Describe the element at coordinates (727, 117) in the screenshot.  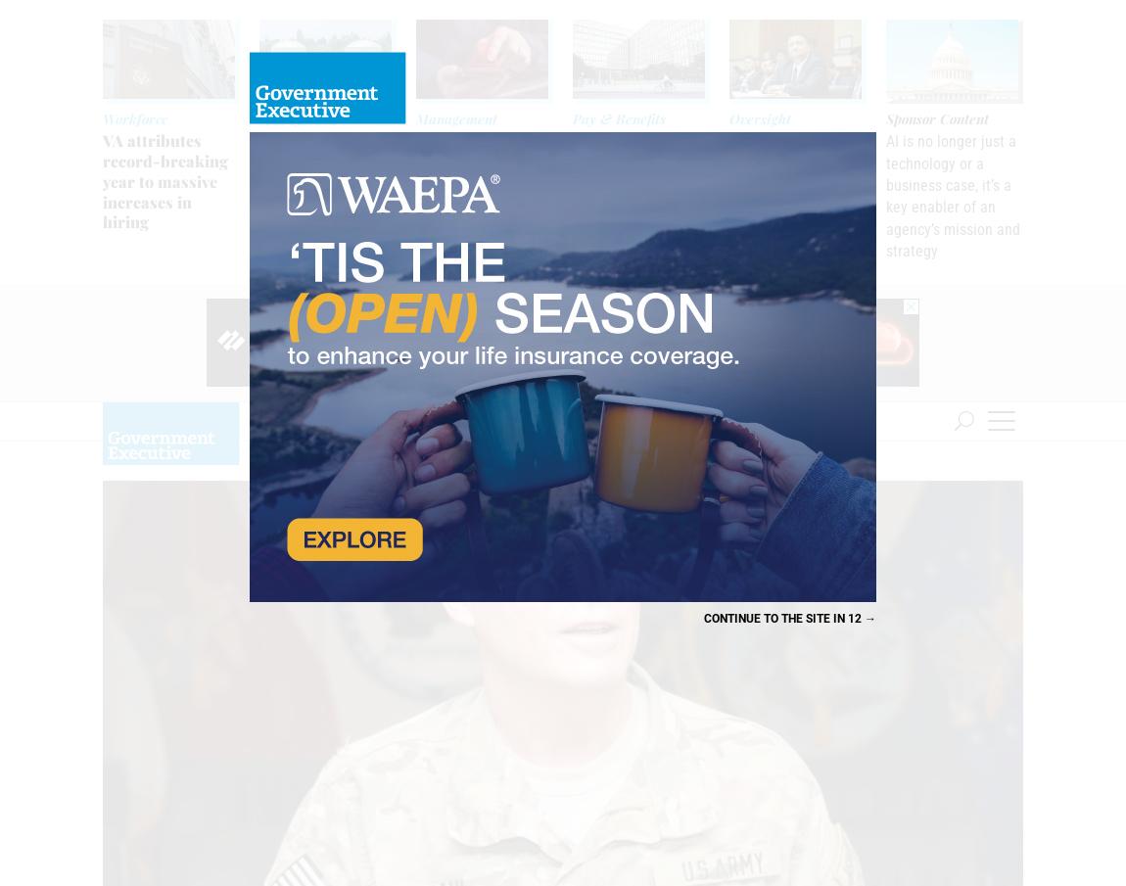
I see `'Oversight'` at that location.